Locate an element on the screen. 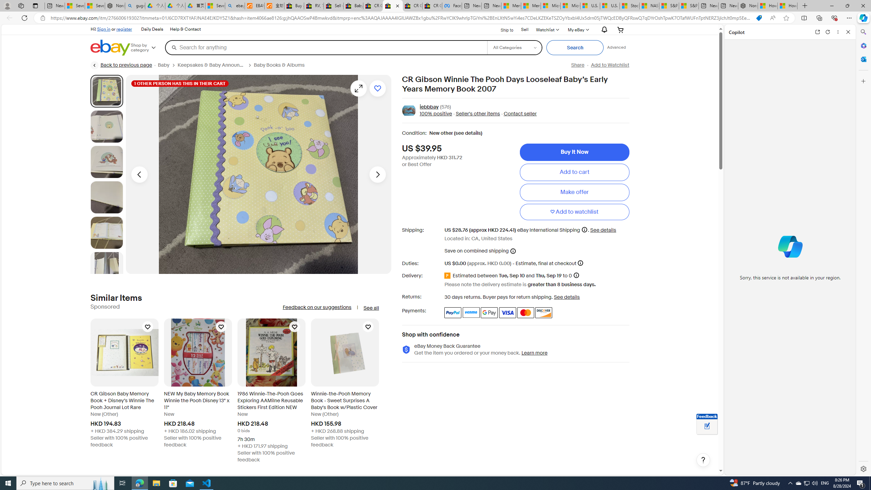  'Back to previous page' is located at coordinates (121, 65).